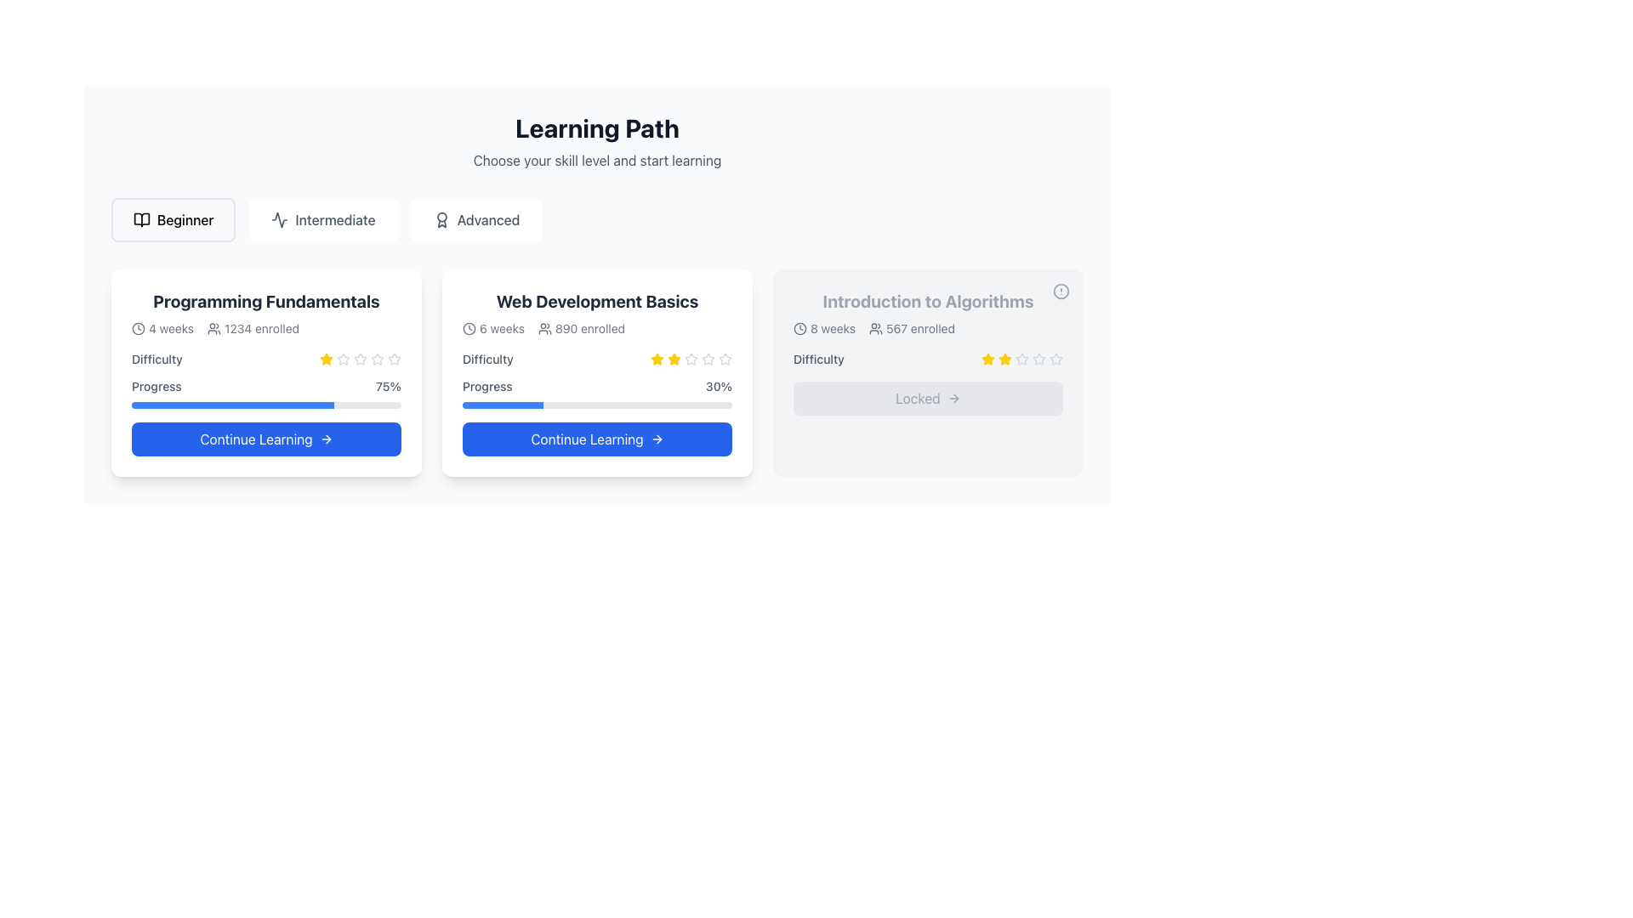 This screenshot has height=918, width=1633. What do you see at coordinates (673, 359) in the screenshot?
I see `the third yellow star icon in the rating section of the 'Web Development Basics' card` at bounding box center [673, 359].